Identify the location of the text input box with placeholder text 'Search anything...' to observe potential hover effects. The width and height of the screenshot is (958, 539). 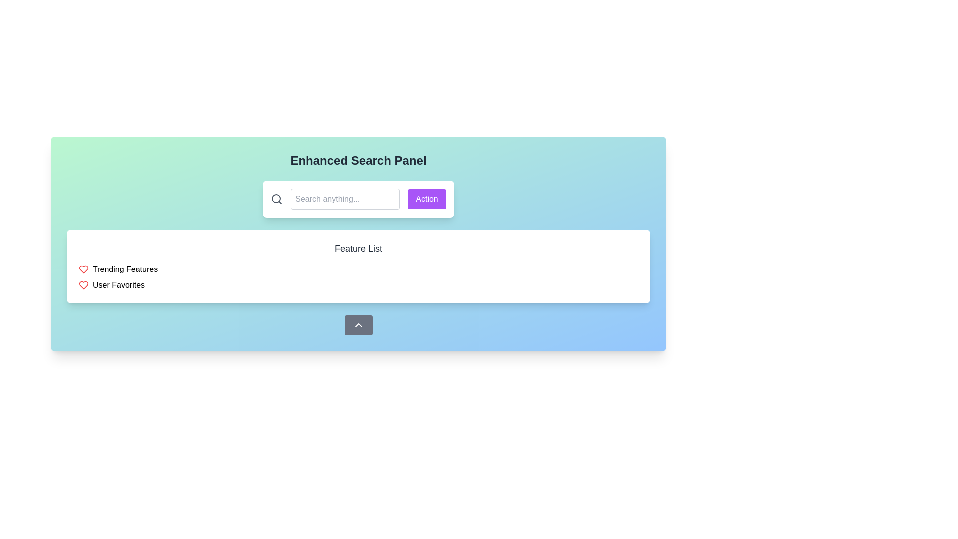
(345, 199).